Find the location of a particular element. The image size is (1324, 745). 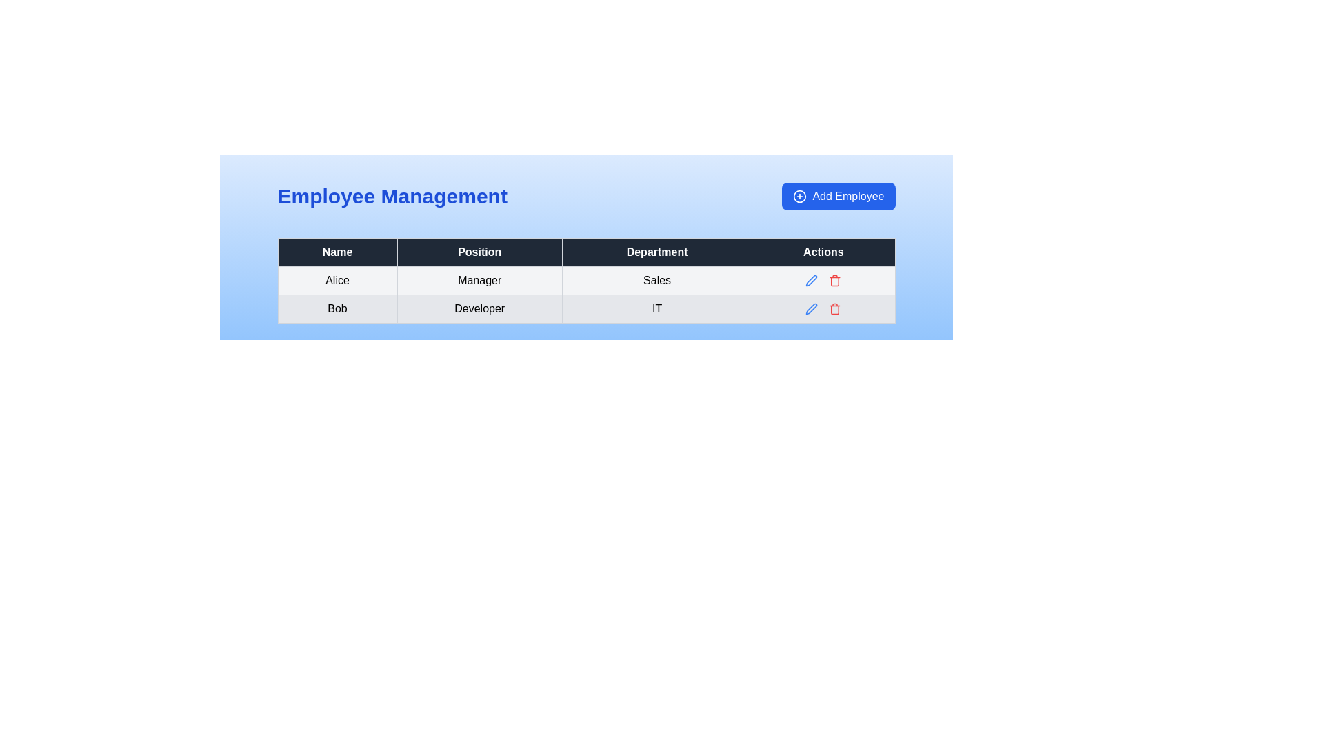

the central segment of the trash bin icon, which is part of the employee management interface located on the right end of the 'Actions' column is located at coordinates (834, 309).